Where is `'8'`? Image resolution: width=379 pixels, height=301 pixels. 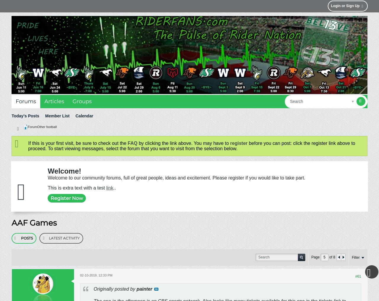 '8' is located at coordinates (333, 257).